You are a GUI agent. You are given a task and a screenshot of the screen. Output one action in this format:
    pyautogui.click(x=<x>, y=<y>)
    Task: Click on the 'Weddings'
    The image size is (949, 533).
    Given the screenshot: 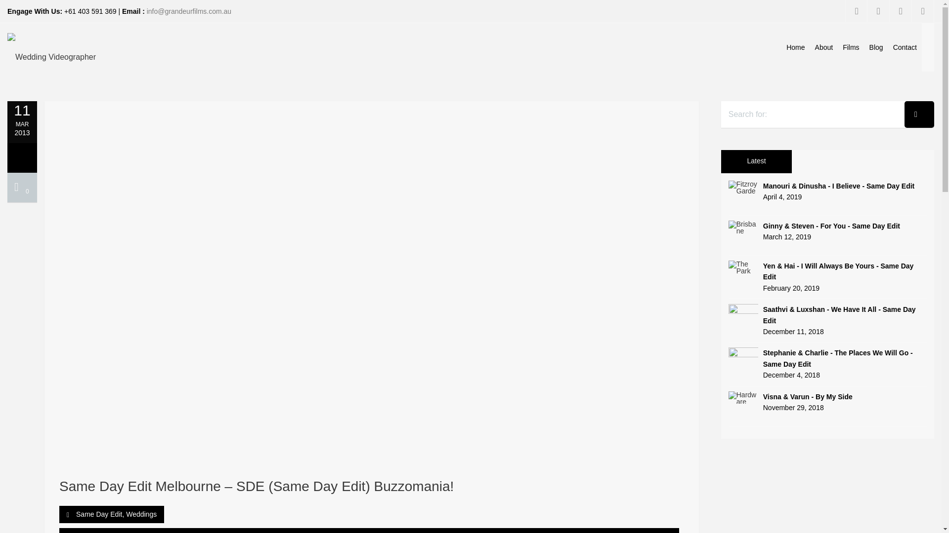 What is the action you would take?
    pyautogui.click(x=141, y=513)
    